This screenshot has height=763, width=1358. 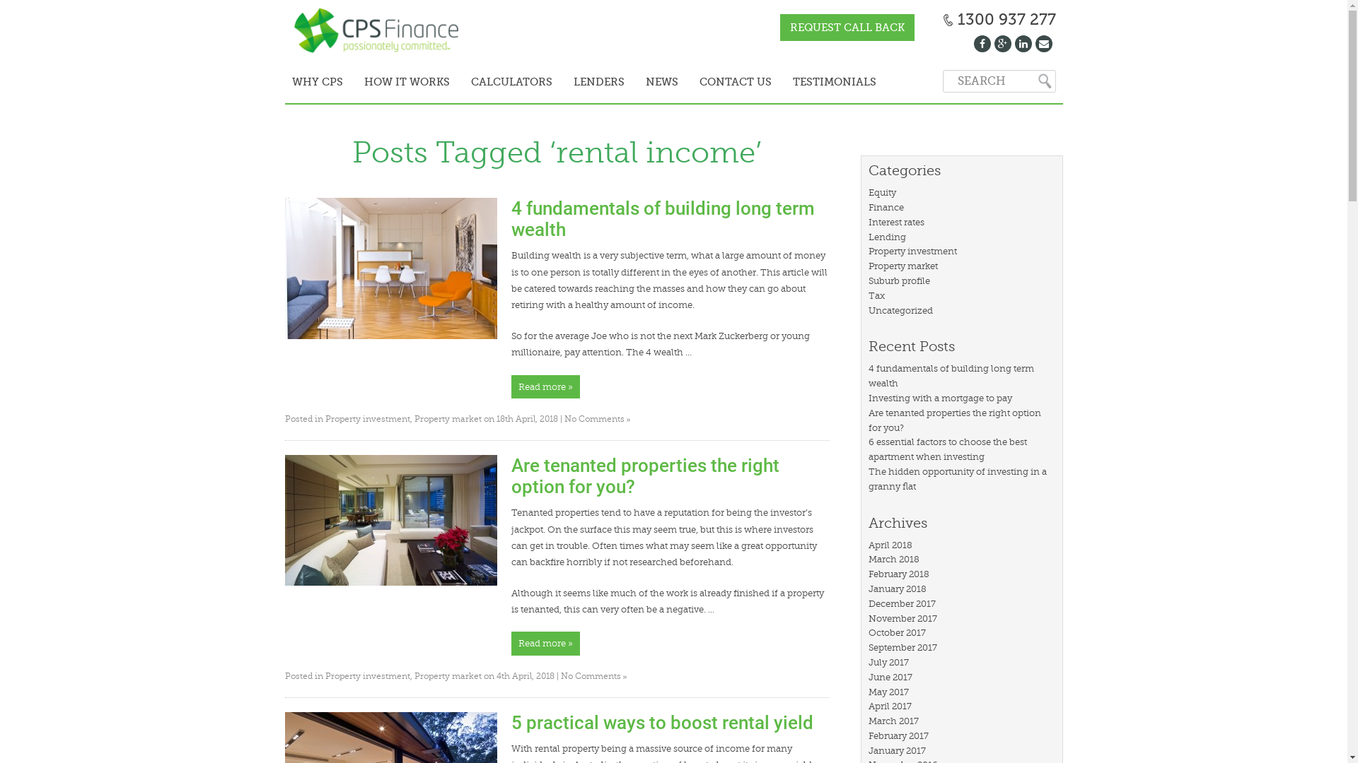 What do you see at coordinates (868, 544) in the screenshot?
I see `'April 2018'` at bounding box center [868, 544].